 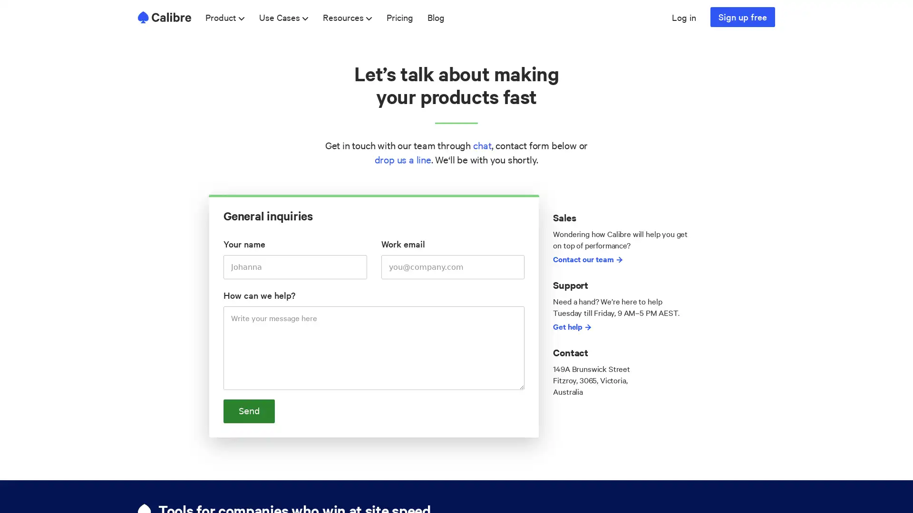 What do you see at coordinates (482, 145) in the screenshot?
I see `chat` at bounding box center [482, 145].